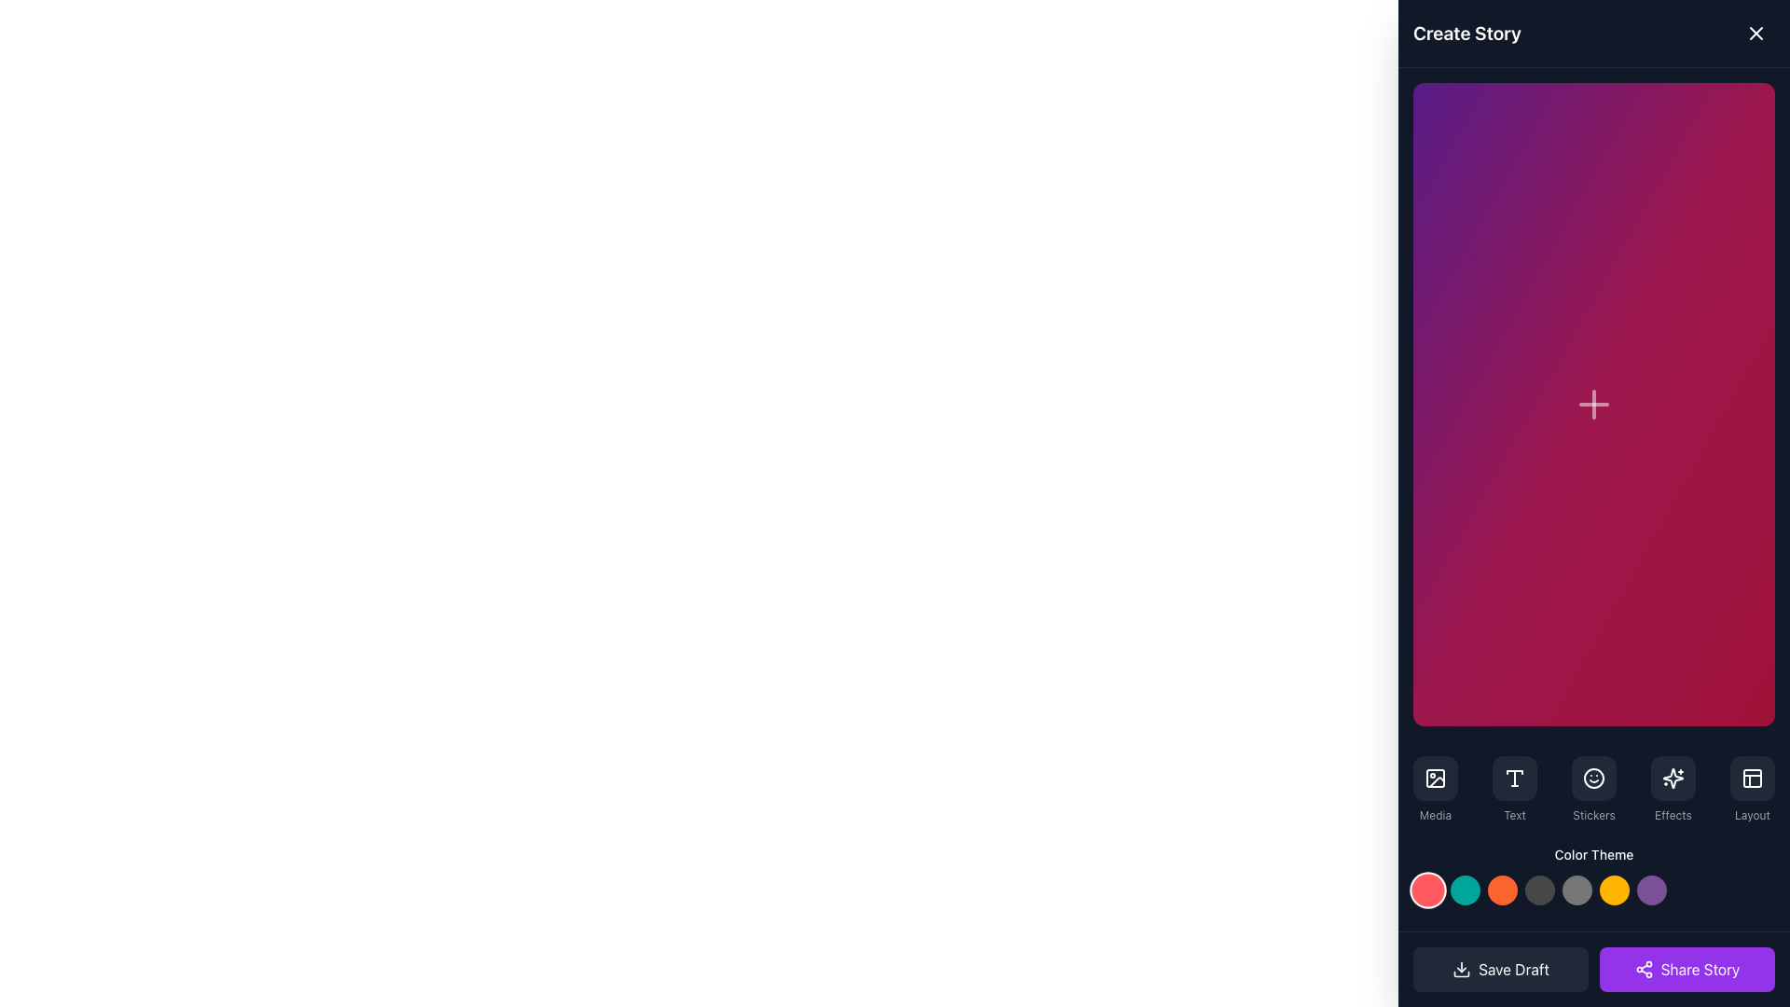 The width and height of the screenshot is (1790, 1007). What do you see at coordinates (1539, 888) in the screenshot?
I see `the small circular dark grey button located in the 'Color Theme' section` at bounding box center [1539, 888].